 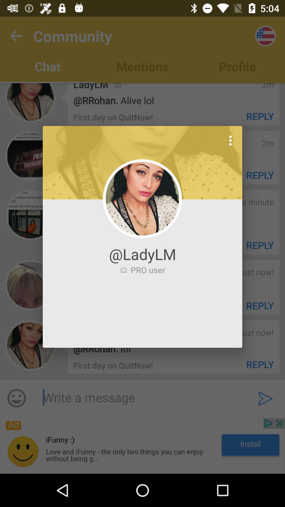 What do you see at coordinates (230, 140) in the screenshot?
I see `item above @ladylm` at bounding box center [230, 140].